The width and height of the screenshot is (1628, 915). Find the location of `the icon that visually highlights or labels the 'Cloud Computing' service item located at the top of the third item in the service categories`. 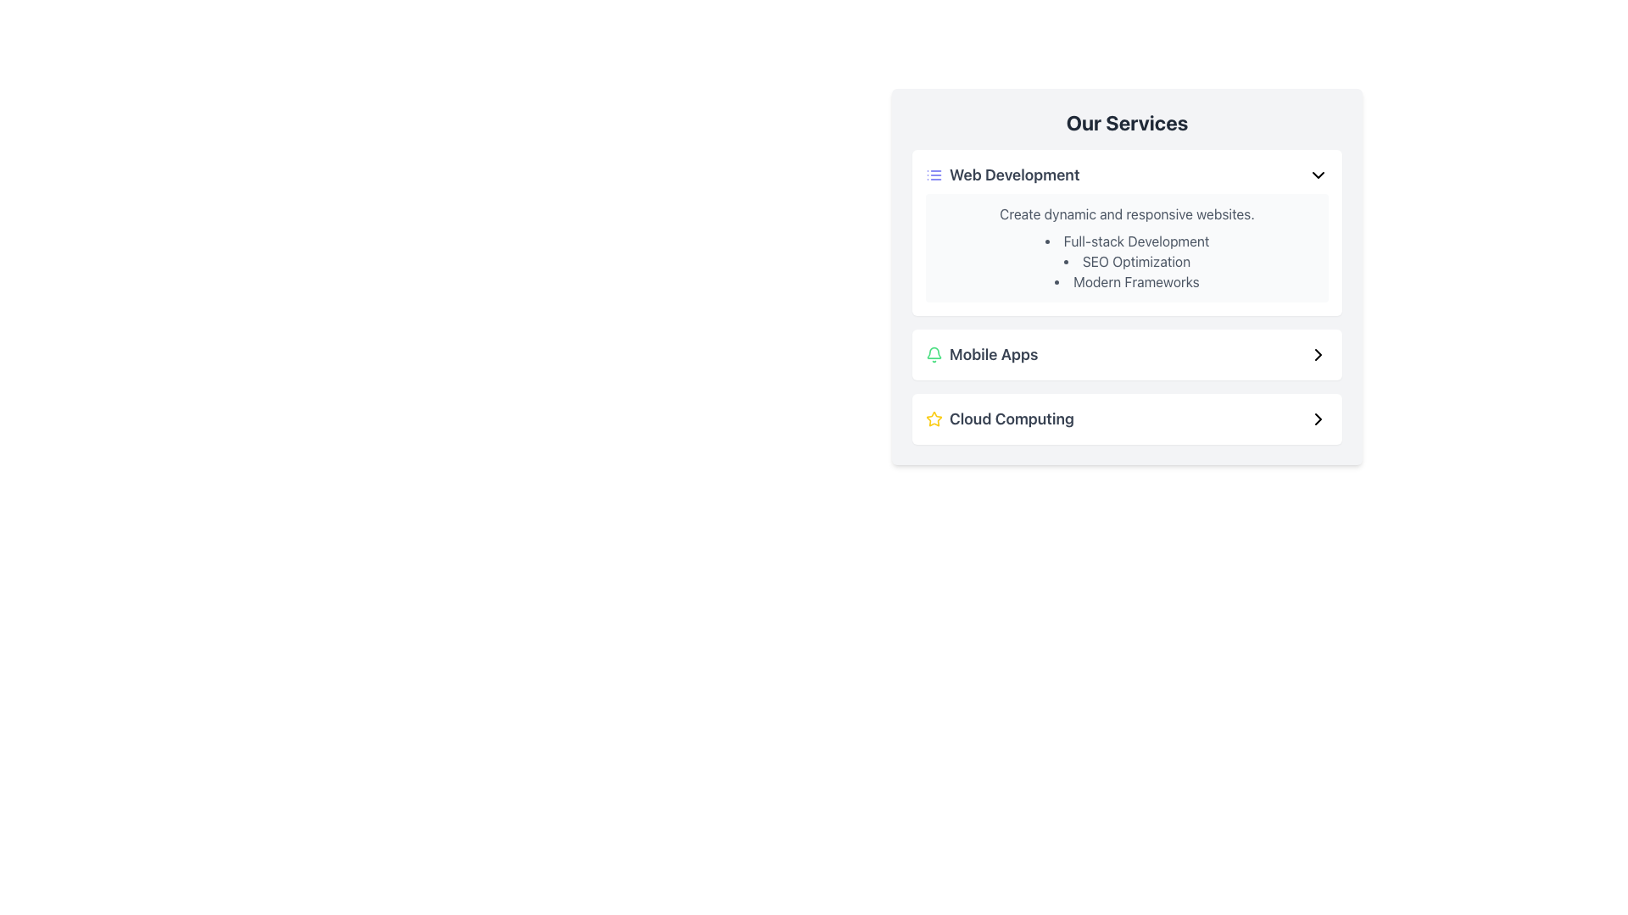

the icon that visually highlights or labels the 'Cloud Computing' service item located at the top of the third item in the service categories is located at coordinates (934, 419).